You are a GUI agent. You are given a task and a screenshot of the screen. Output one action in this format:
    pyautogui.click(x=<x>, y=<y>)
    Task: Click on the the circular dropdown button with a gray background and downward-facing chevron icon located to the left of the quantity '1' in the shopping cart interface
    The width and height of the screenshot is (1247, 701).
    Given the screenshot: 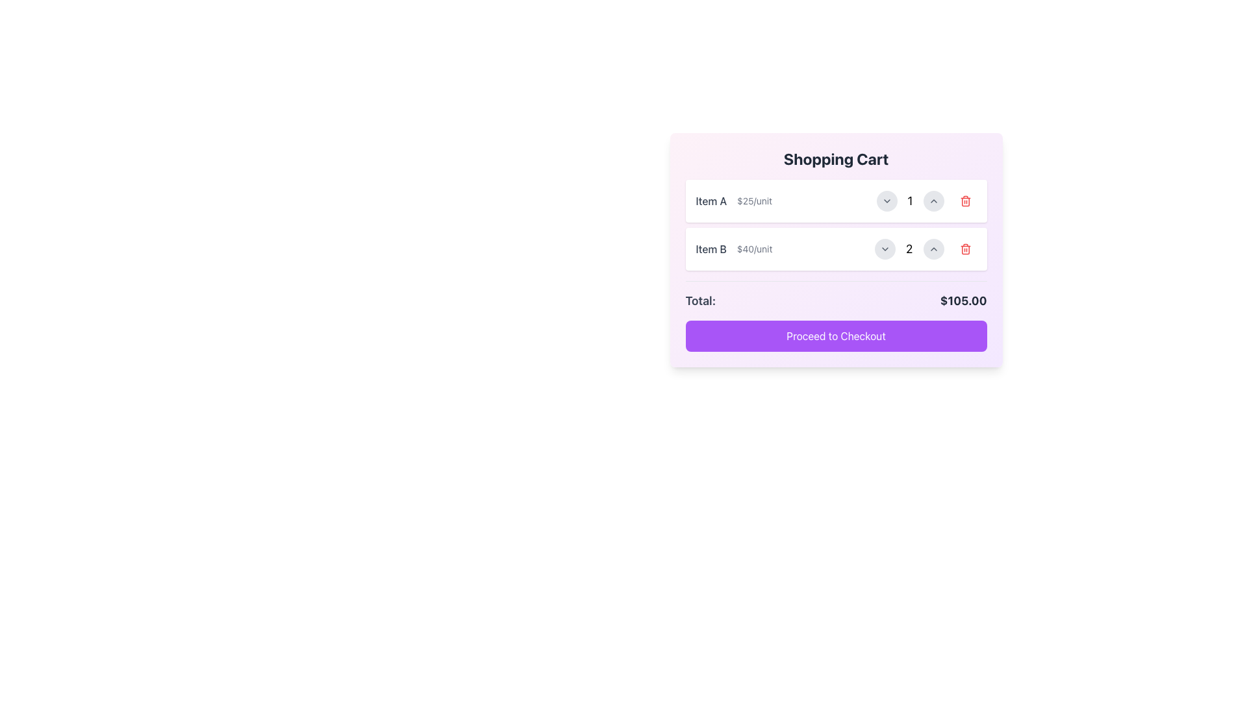 What is the action you would take?
    pyautogui.click(x=886, y=201)
    